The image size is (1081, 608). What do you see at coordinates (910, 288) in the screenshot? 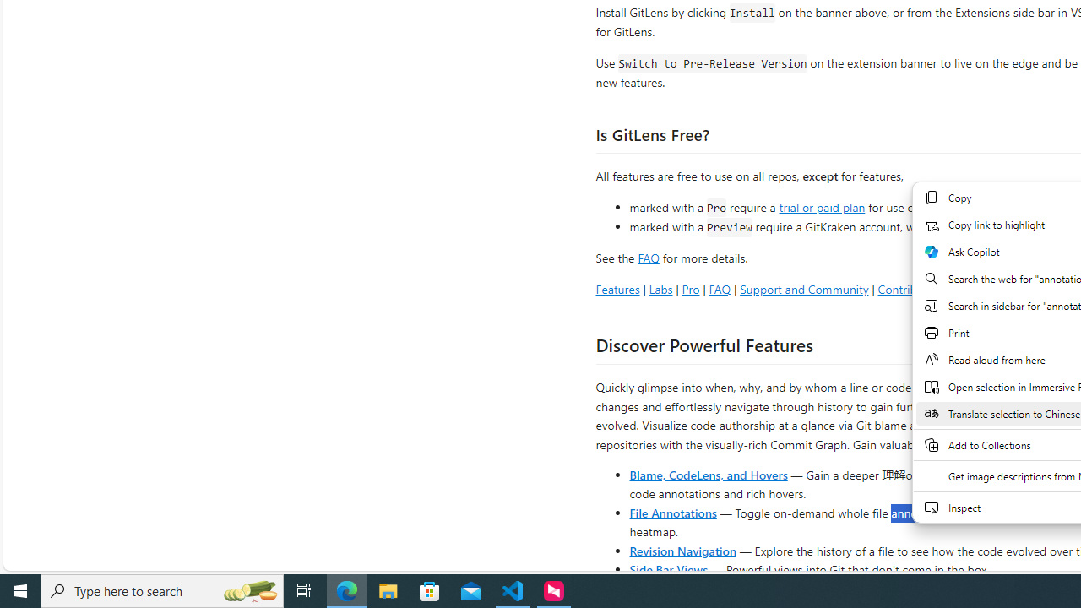
I see `'Contributing'` at bounding box center [910, 288].